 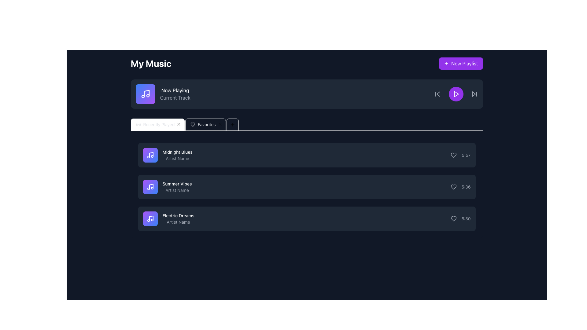 I want to click on the 'Favorites' tab, which is the second tab from the left, featuring a heart-shaped icon and light gray text on a dark background, so click(x=203, y=124).